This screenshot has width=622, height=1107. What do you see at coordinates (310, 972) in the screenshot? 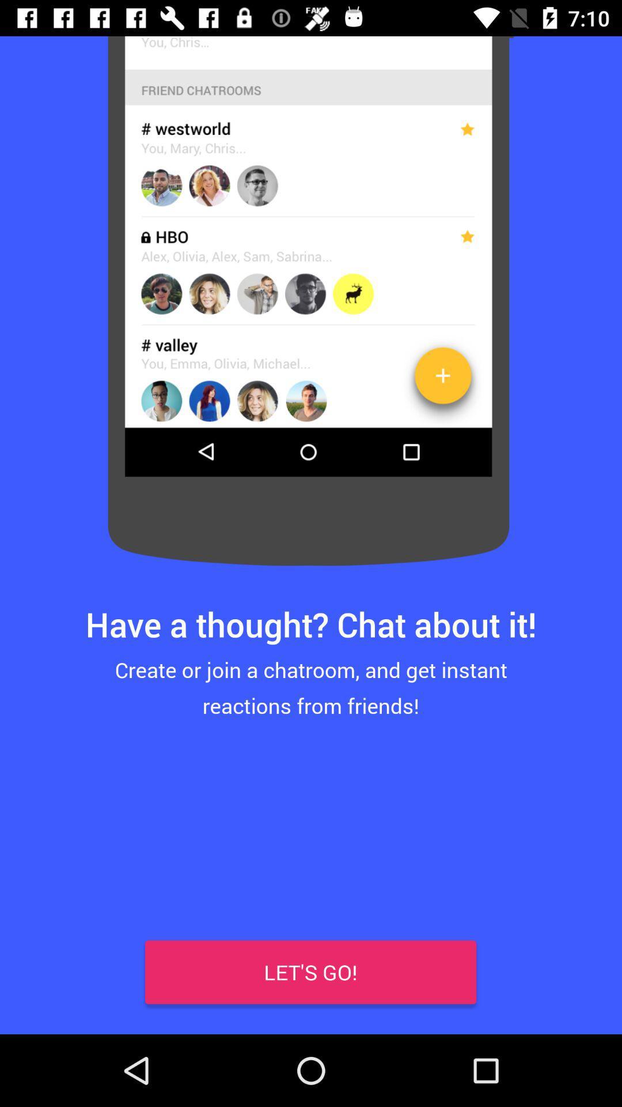
I see `the let's go! item` at bounding box center [310, 972].